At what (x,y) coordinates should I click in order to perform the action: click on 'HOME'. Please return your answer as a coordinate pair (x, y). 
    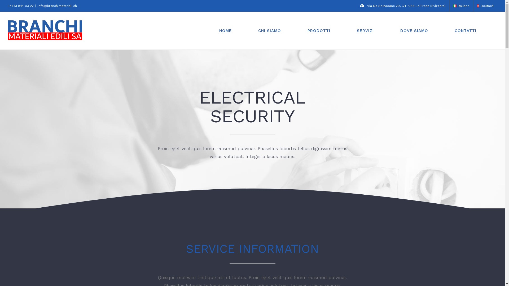
    Looking at the image, I should click on (225, 30).